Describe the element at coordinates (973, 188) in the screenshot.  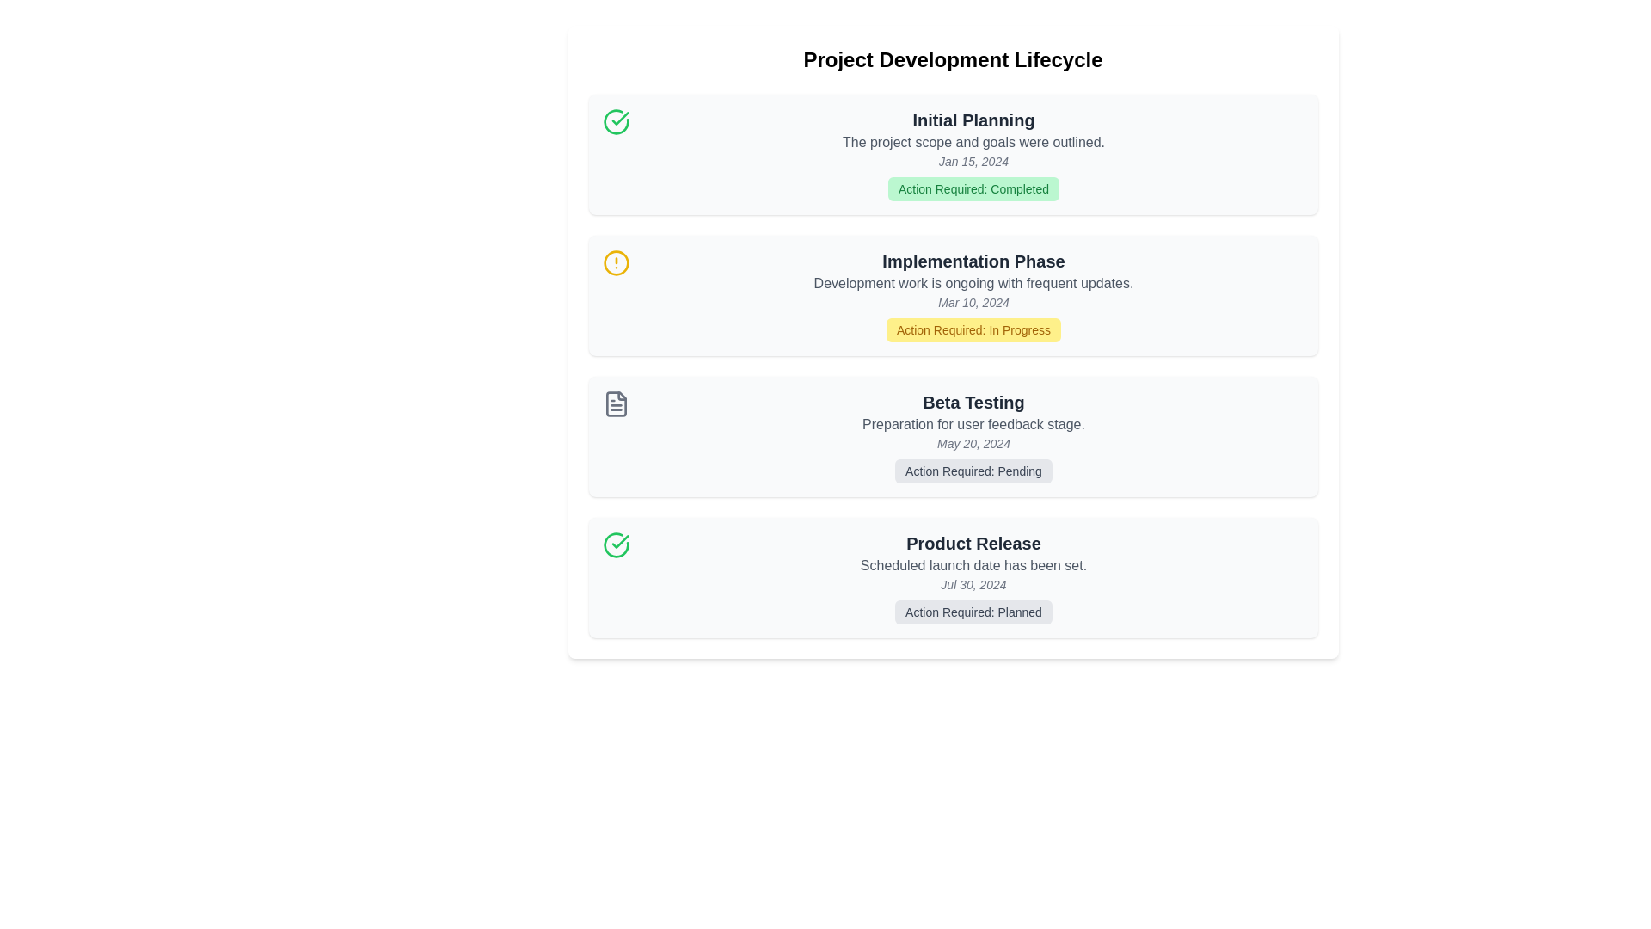
I see `the status indicator text badge located in the last line of the 'Initial Planning' segment of the 'Project Development Lifecycle' layout` at that location.